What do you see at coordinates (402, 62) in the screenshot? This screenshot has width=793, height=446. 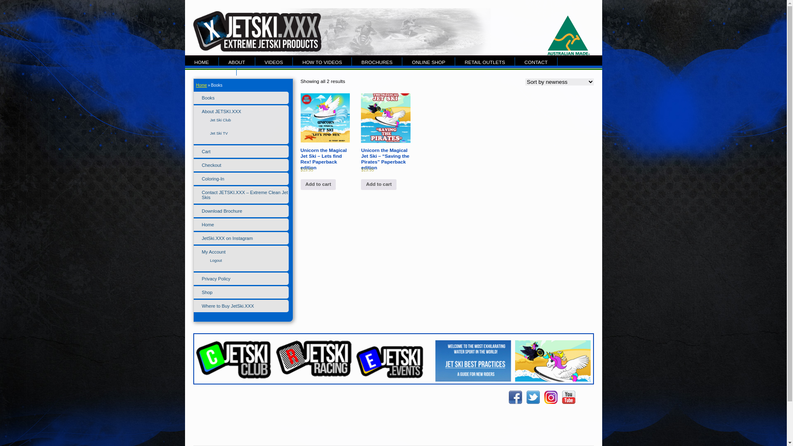 I see `'ONLINE SHOP'` at bounding box center [402, 62].